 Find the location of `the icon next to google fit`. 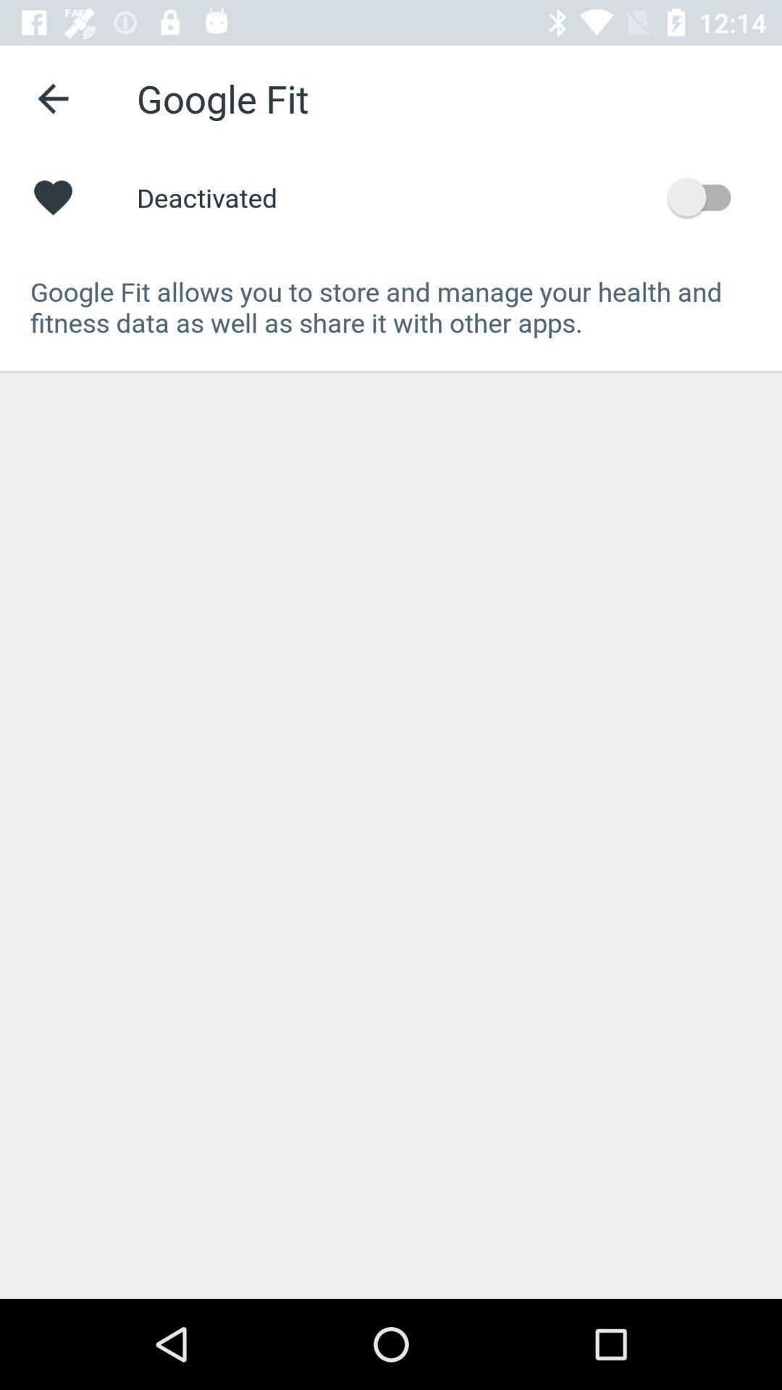

the icon next to google fit is located at coordinates (52, 98).